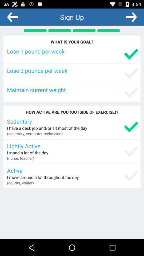 The image size is (144, 256). Describe the element at coordinates (131, 17) in the screenshot. I see `icon next to the sign up icon` at that location.